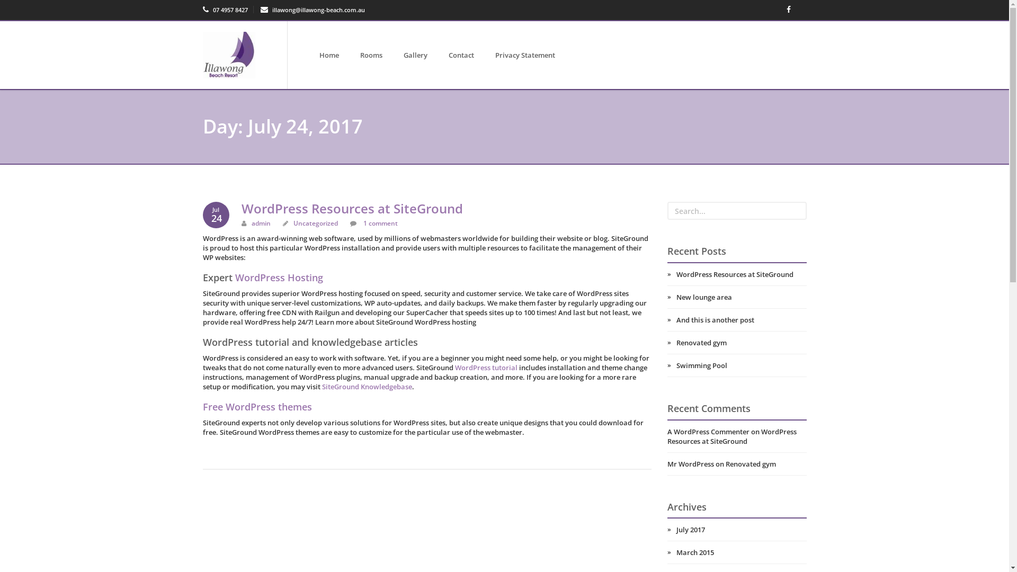  Describe the element at coordinates (315, 222) in the screenshot. I see `'Uncategorized'` at that location.